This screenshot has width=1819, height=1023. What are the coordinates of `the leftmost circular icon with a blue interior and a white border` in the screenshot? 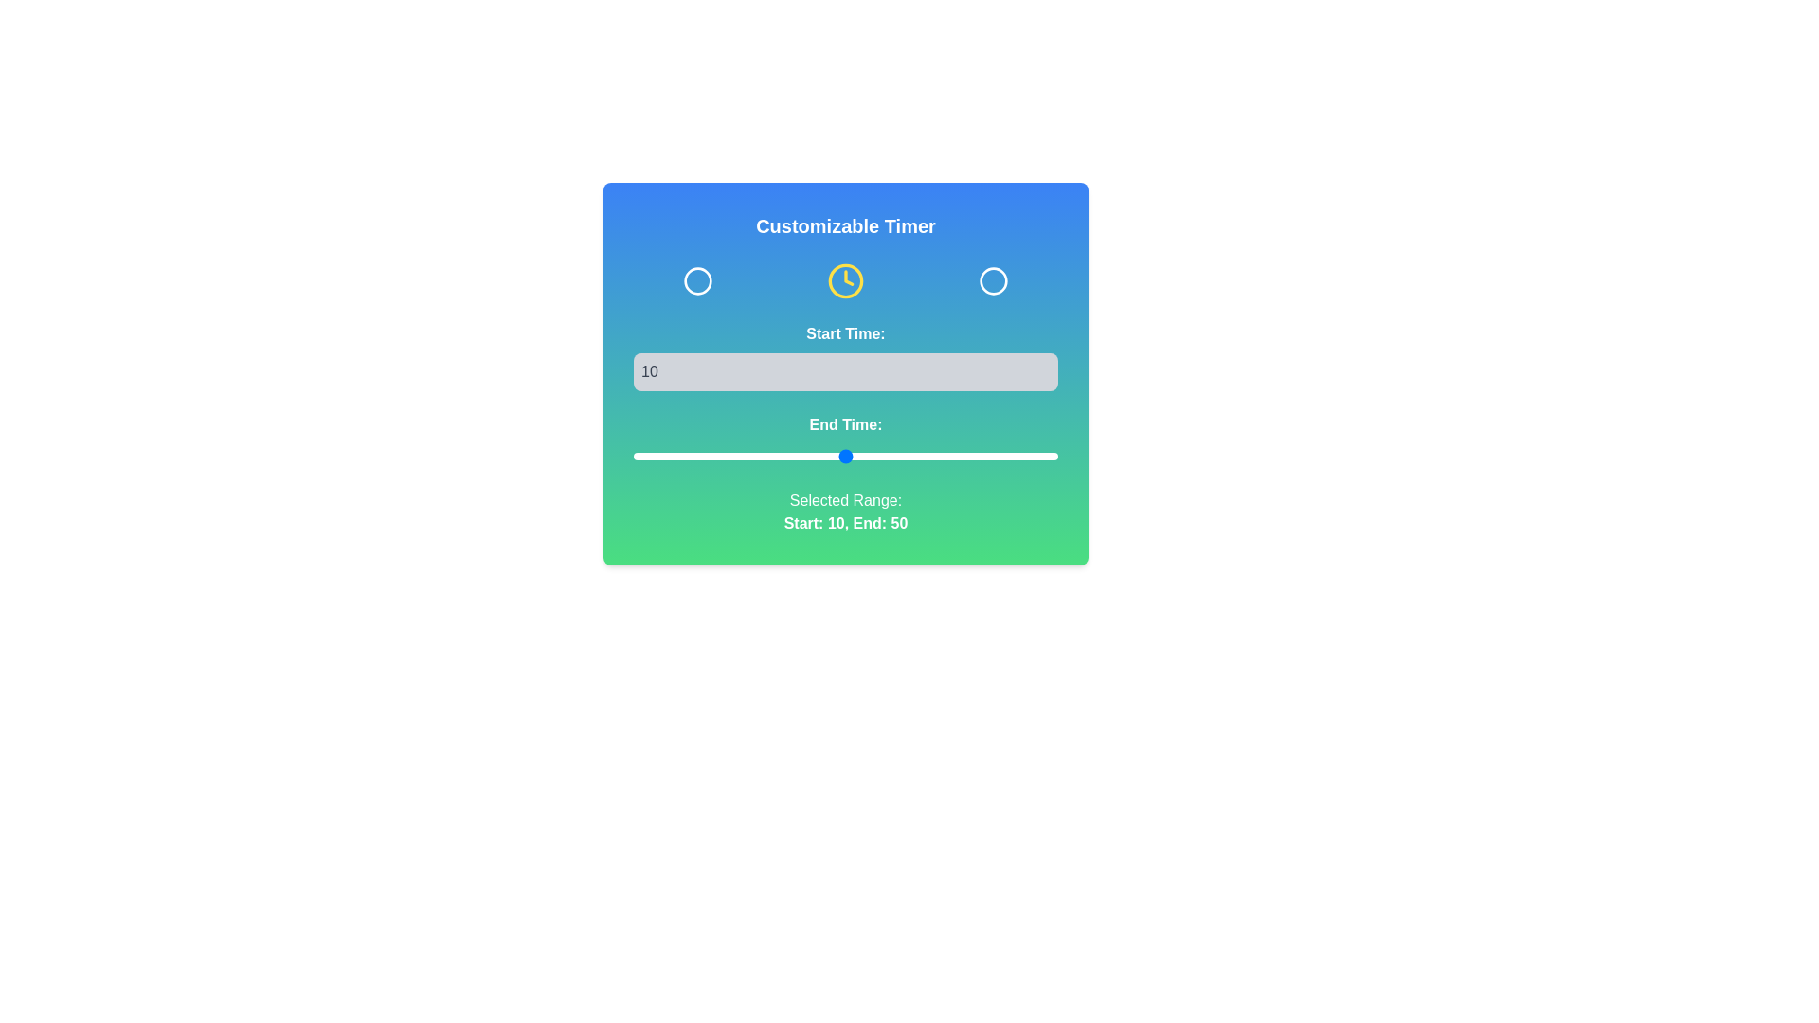 It's located at (697, 281).